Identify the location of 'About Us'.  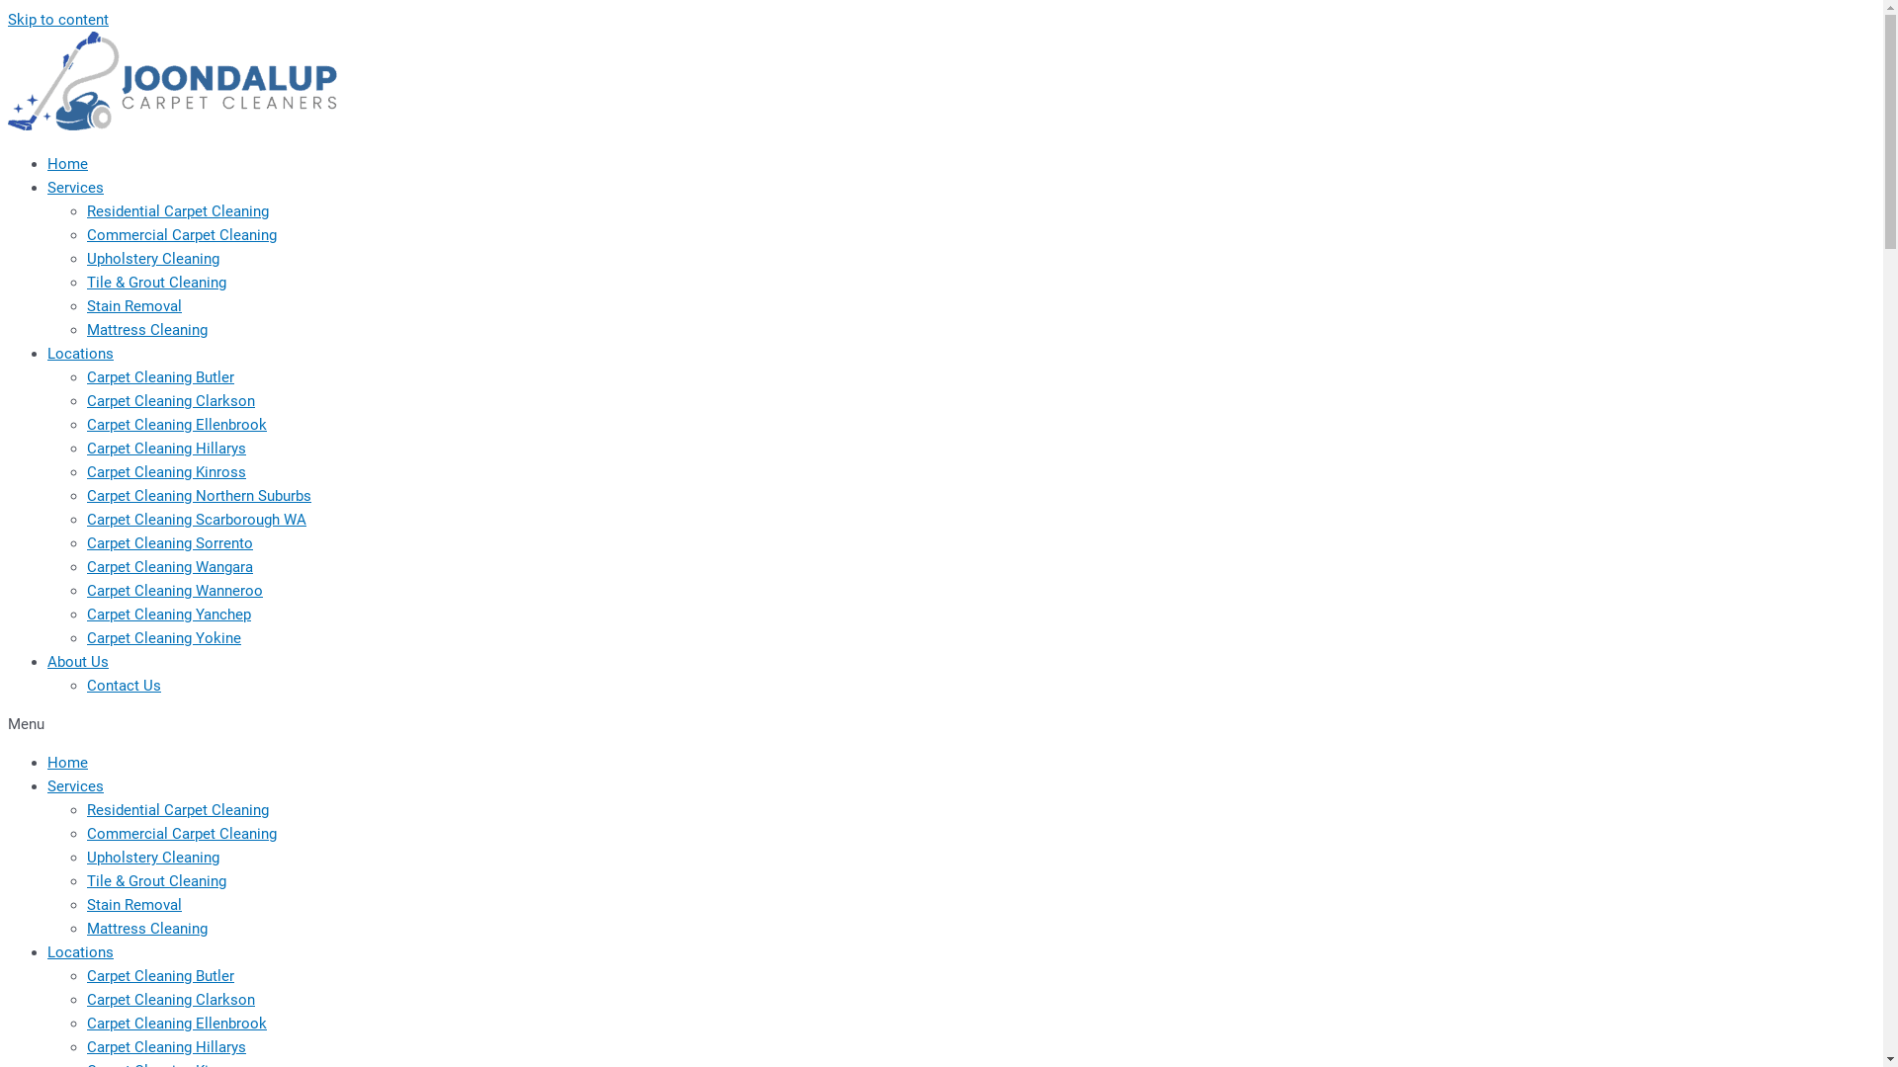
(77, 662).